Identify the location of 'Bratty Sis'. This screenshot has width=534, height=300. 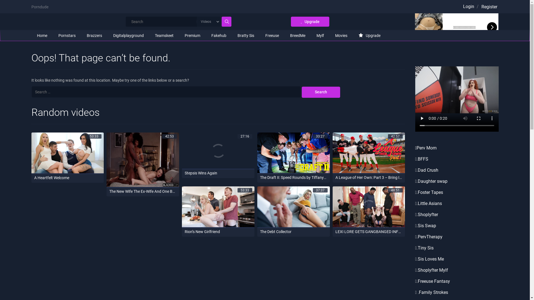
(245, 35).